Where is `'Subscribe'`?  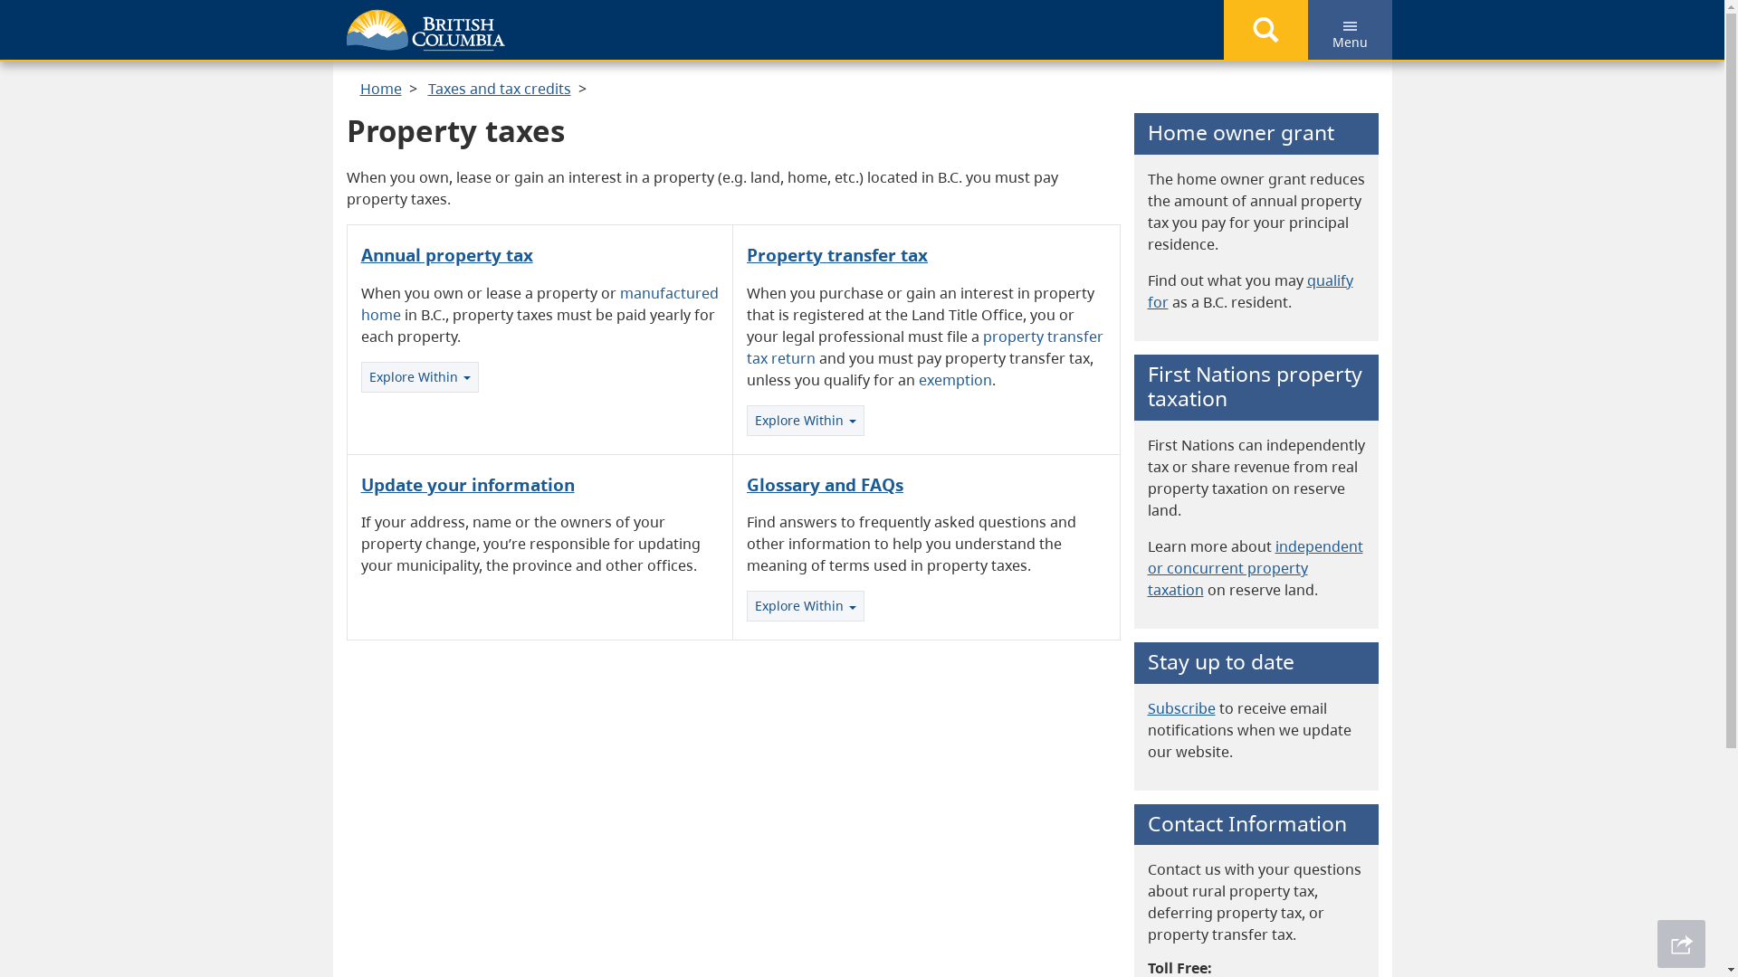
'Subscribe' is located at coordinates (1181, 707).